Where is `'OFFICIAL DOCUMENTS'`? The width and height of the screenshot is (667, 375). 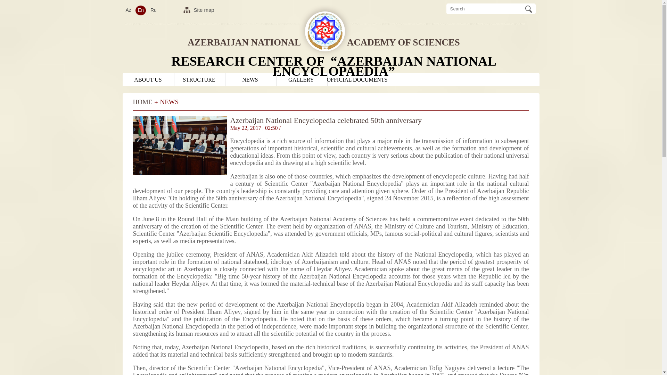
'OFFICIAL DOCUMENTS' is located at coordinates (357, 79).